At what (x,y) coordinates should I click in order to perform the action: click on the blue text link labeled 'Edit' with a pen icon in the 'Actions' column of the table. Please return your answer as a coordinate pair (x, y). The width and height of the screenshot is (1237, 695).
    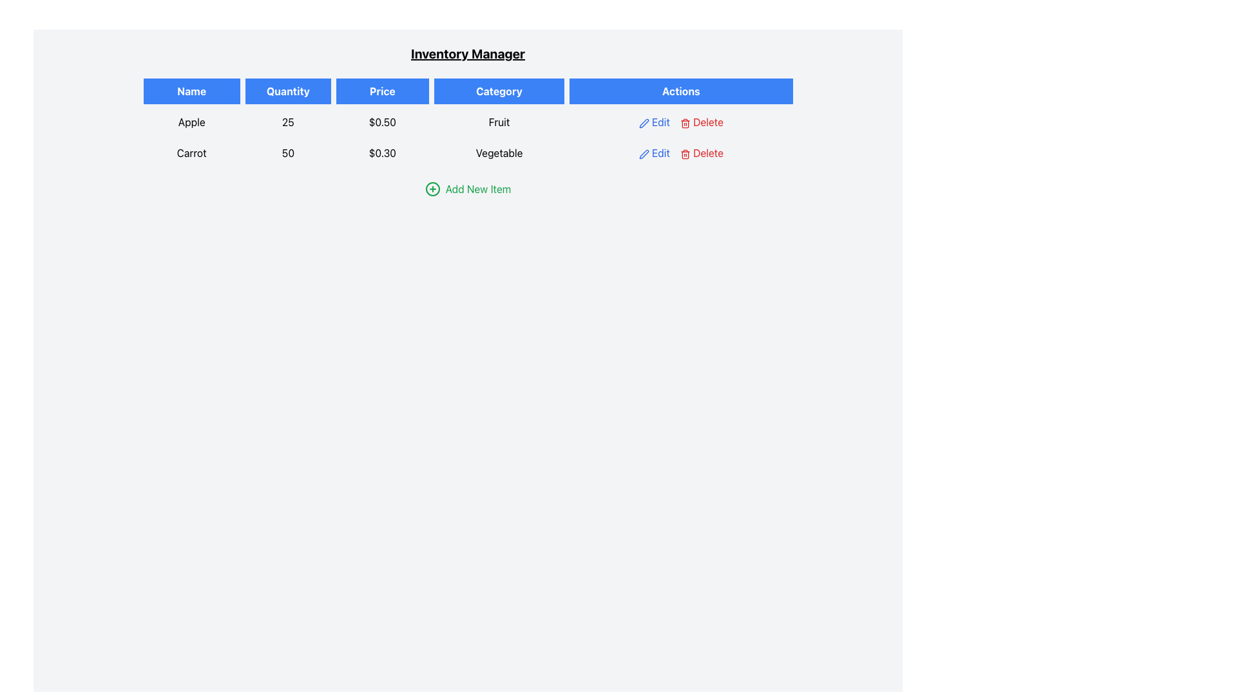
    Looking at the image, I should click on (654, 122).